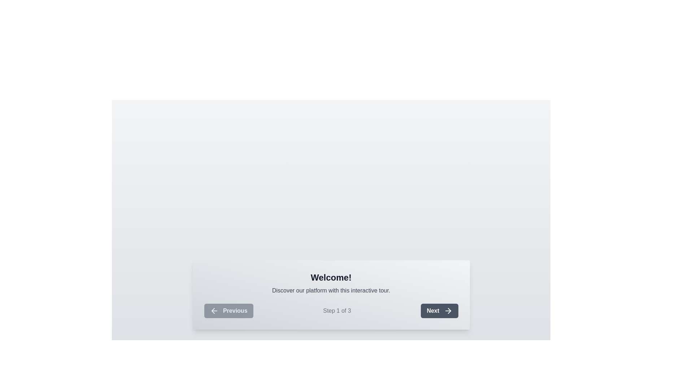 The width and height of the screenshot is (693, 390). I want to click on the text element that indicates the current step in a sequence, visually positioned between the 'Previous' and 'Next' buttons in the bottom panel, so click(336, 310).